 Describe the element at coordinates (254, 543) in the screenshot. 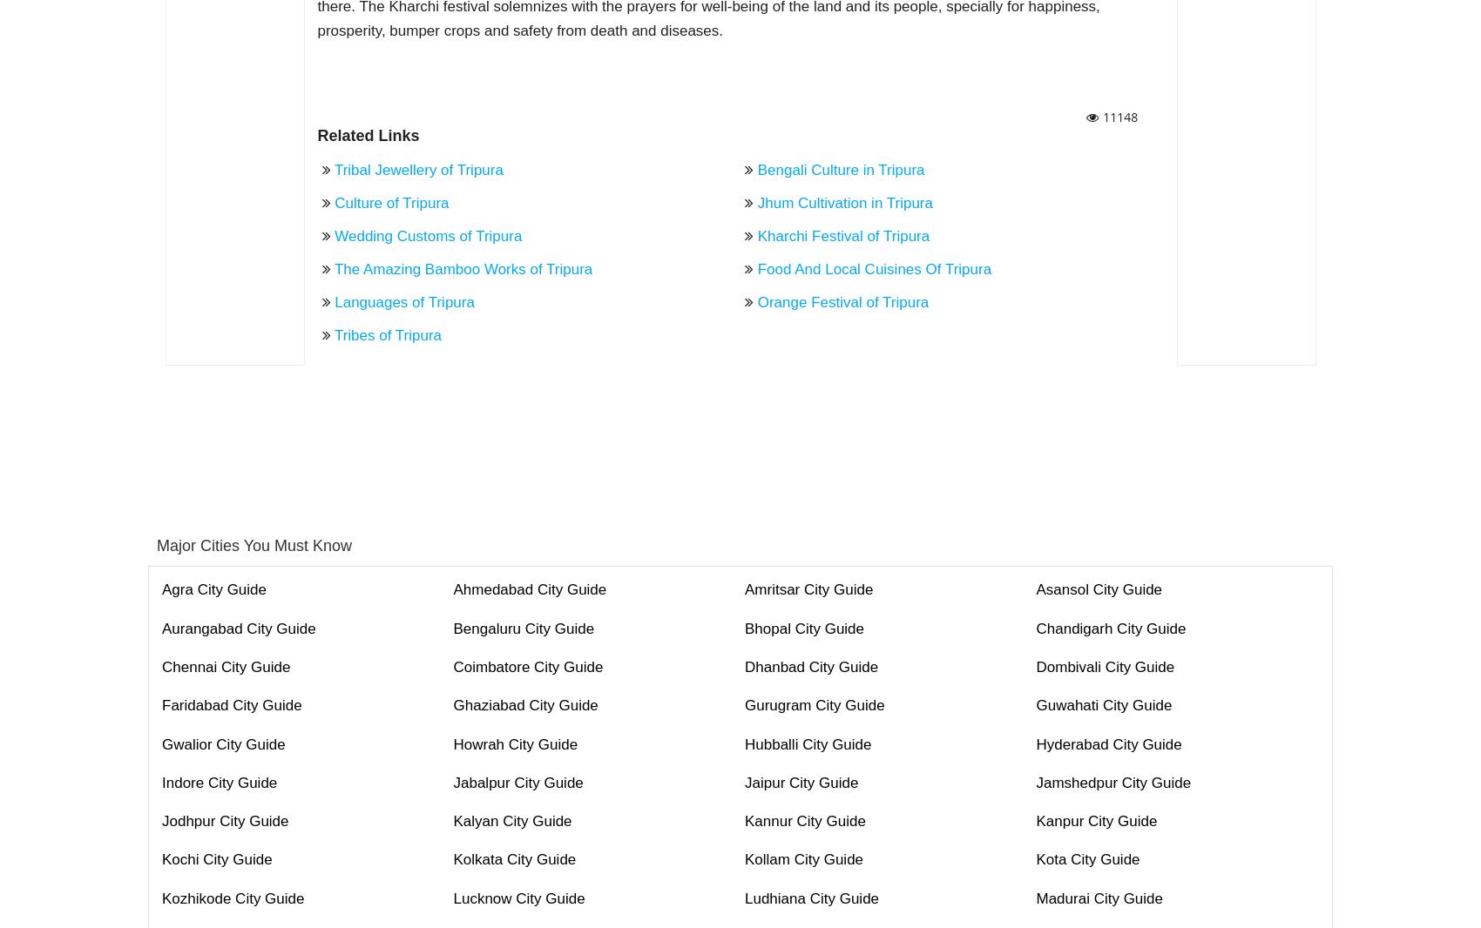

I see `'Major Cities You Must Know'` at that location.